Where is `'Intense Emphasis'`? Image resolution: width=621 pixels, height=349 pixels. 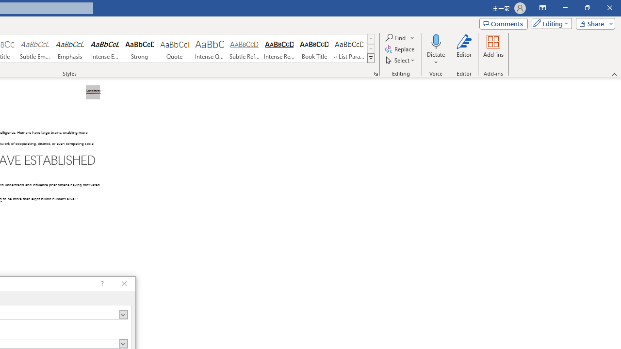 'Intense Emphasis' is located at coordinates (105, 48).